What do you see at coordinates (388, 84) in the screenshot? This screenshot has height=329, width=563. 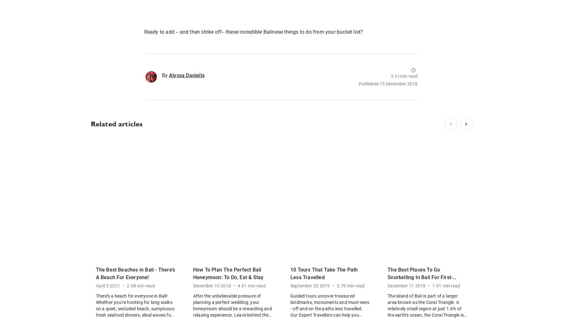 I see `'Published 15 December 2018'` at bounding box center [388, 84].